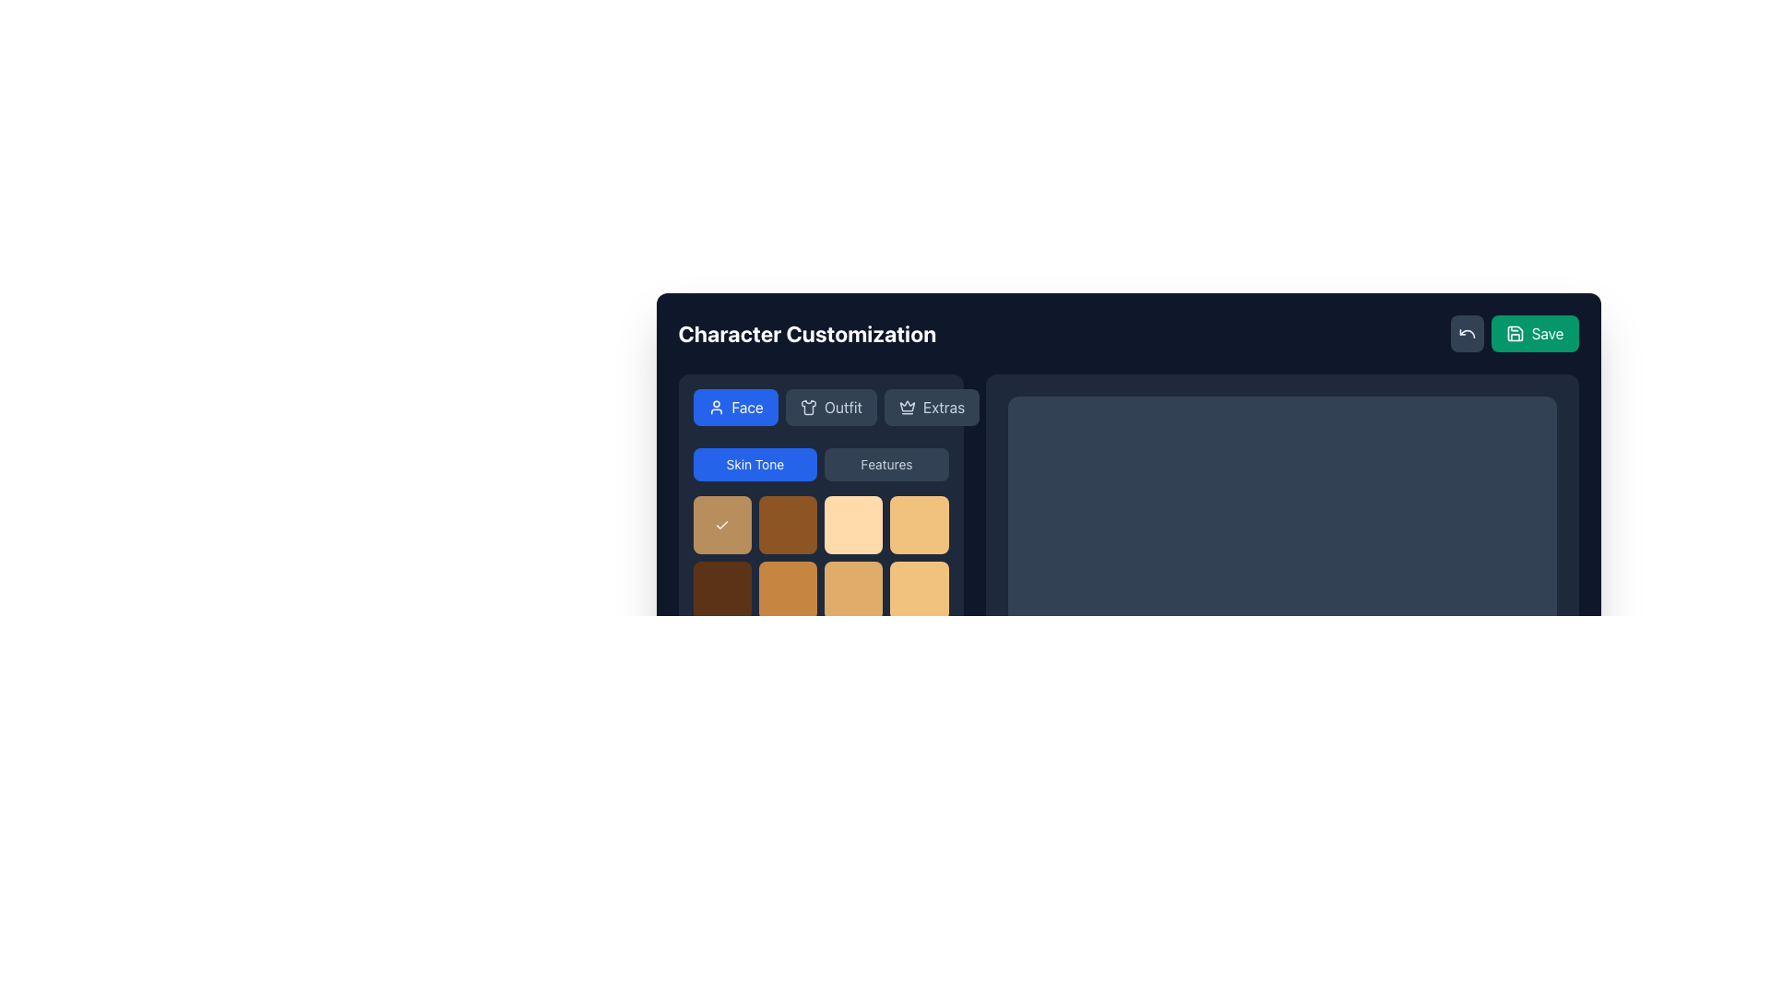 Image resolution: width=1771 pixels, height=996 pixels. I want to click on the interactive selection tile in the third column of the first row within the 'Skin Tone' section of the character customization interface, so click(852, 525).